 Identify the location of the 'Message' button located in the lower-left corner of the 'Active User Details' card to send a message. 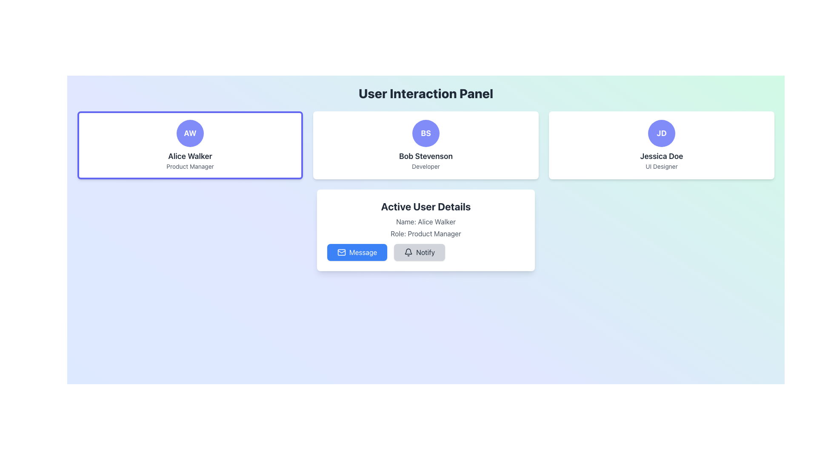
(341, 251).